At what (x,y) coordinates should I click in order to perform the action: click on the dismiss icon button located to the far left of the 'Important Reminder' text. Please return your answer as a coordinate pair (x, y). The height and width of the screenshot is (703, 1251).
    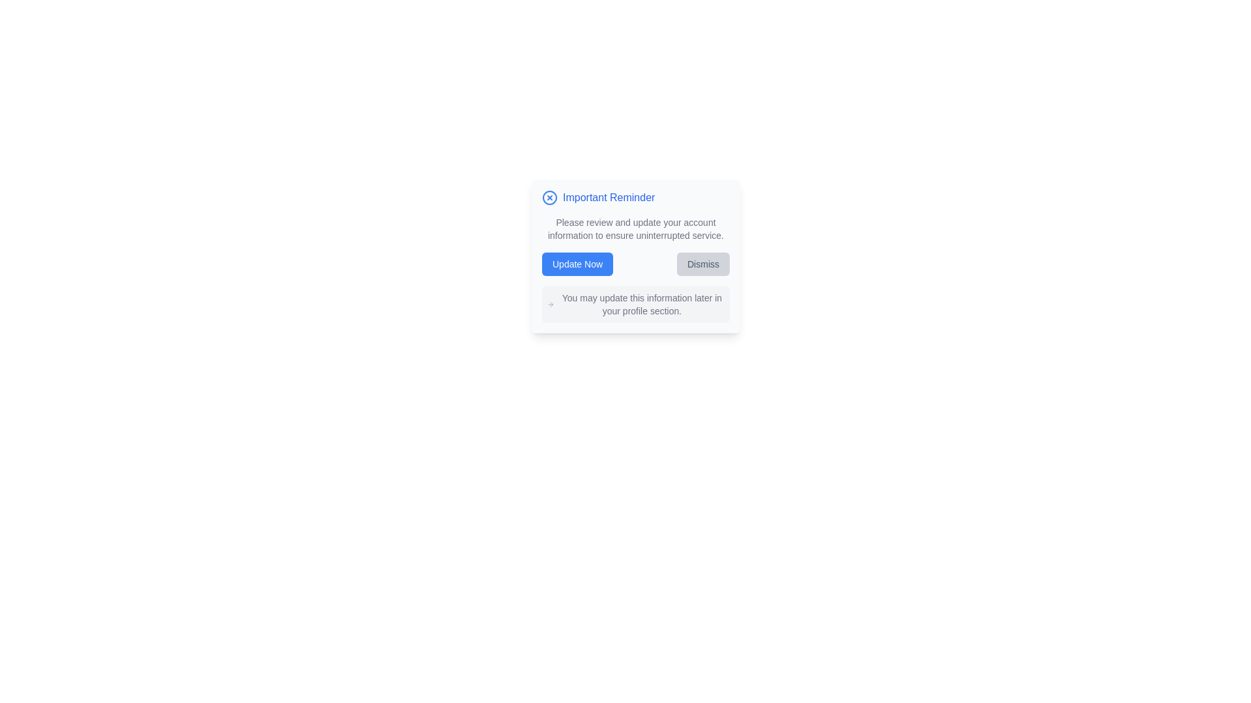
    Looking at the image, I should click on (550, 198).